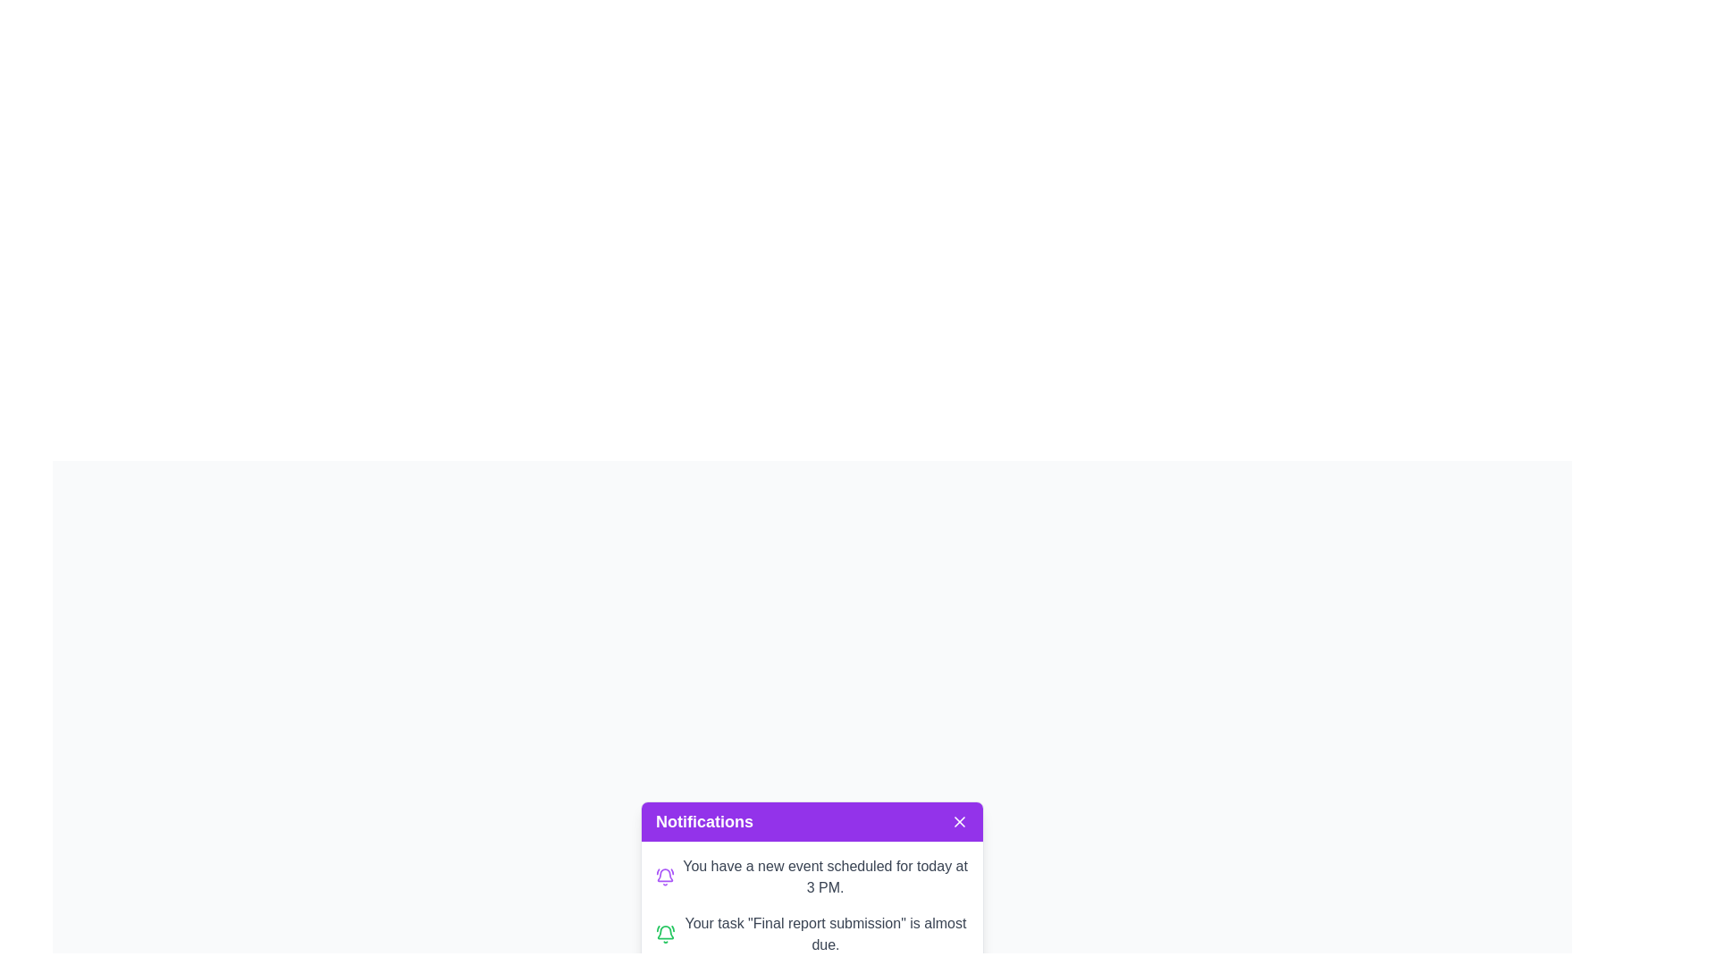 Image resolution: width=1716 pixels, height=965 pixels. I want to click on the close button located on the top-right side of the purple bar labeled 'Notifications', so click(959, 820).